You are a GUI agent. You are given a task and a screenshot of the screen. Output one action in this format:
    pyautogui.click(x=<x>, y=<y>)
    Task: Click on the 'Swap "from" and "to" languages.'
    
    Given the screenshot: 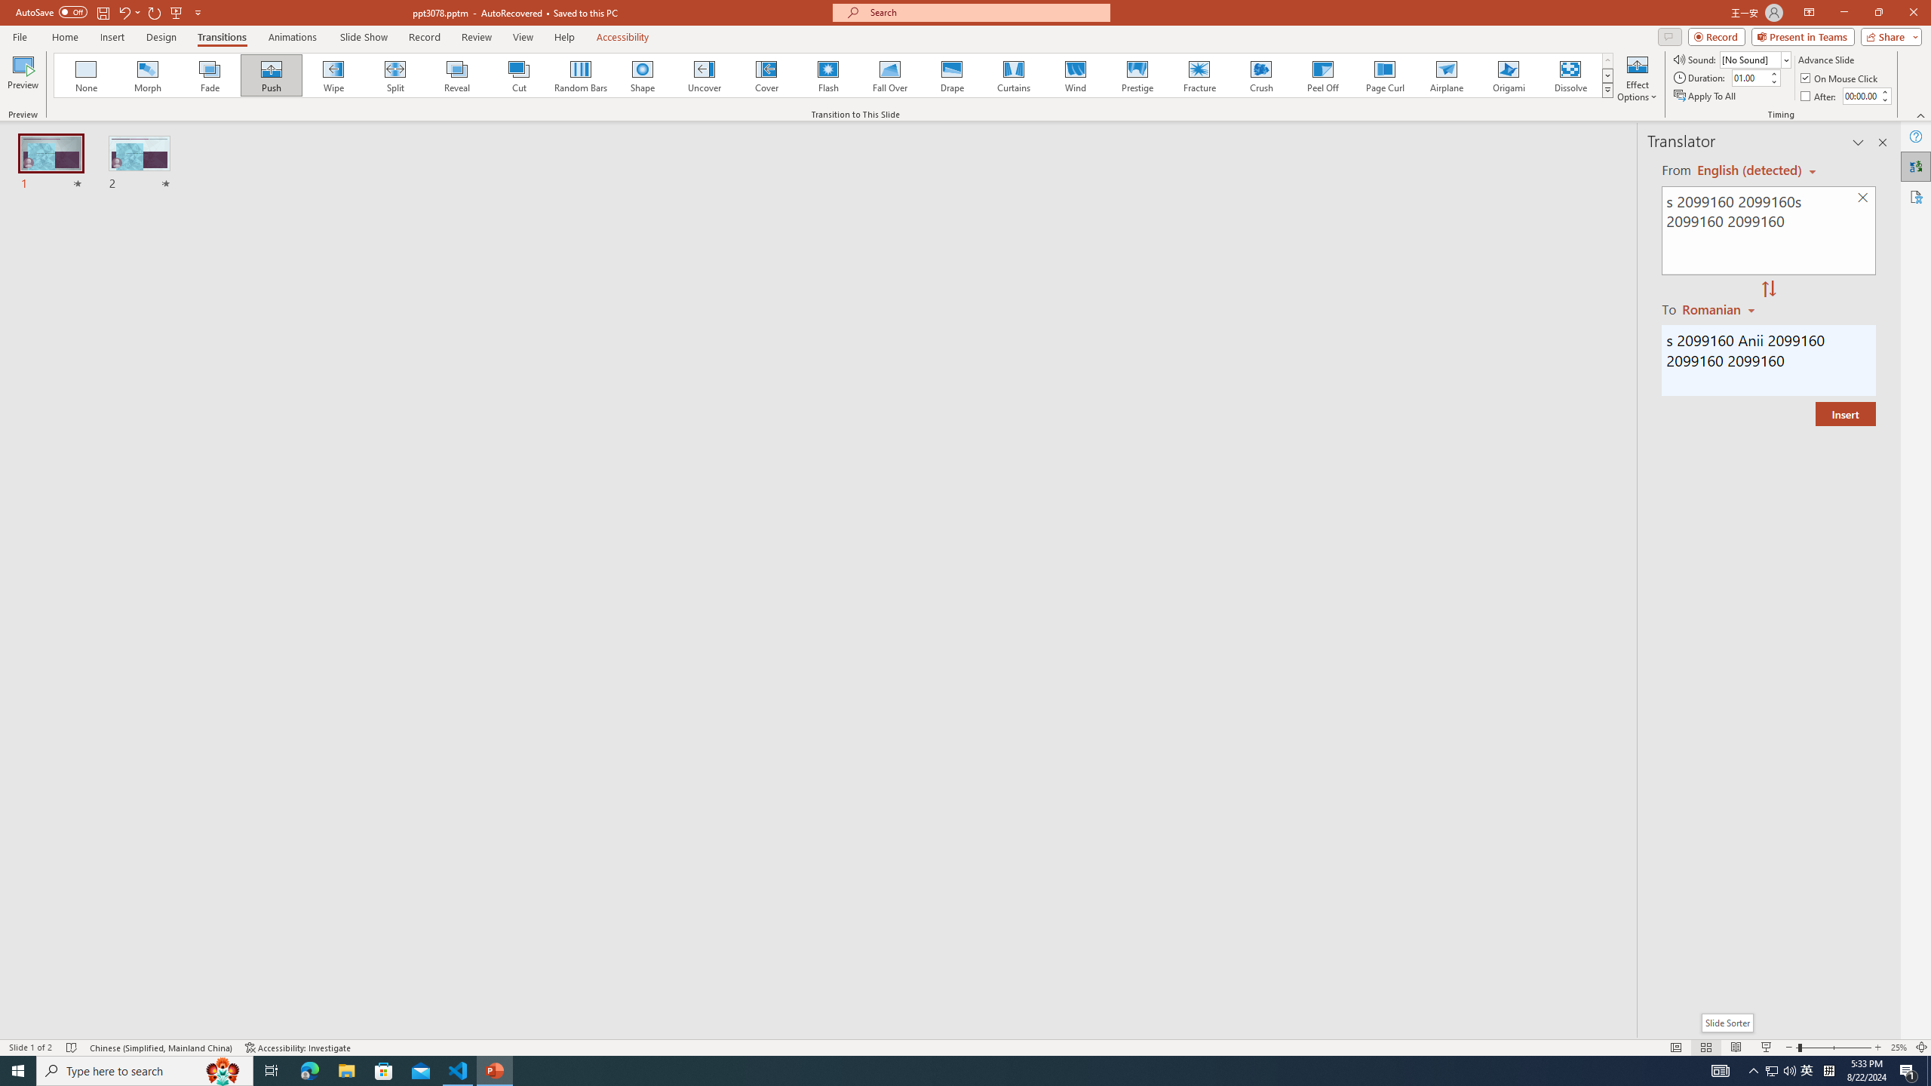 What is the action you would take?
    pyautogui.click(x=1767, y=289)
    